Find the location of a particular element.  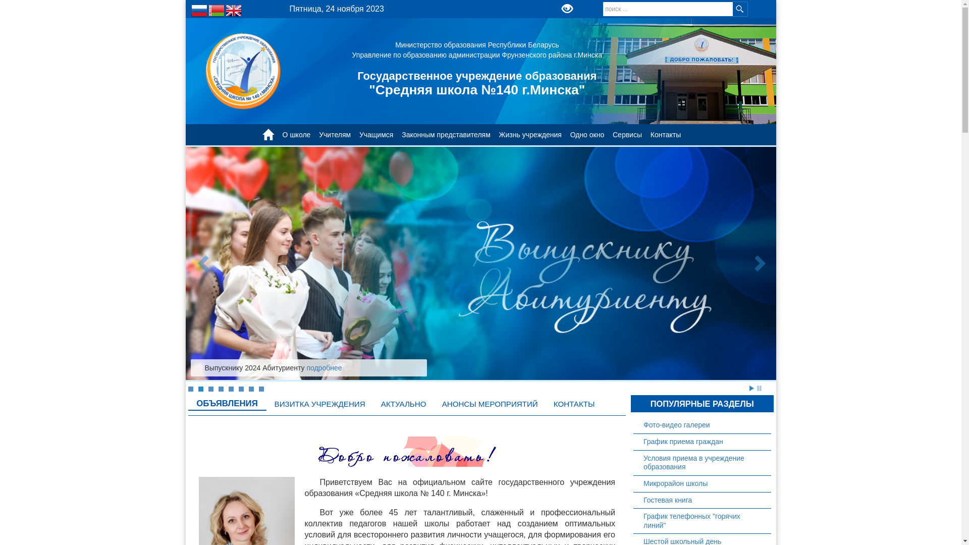

'2' is located at coordinates (200, 389).